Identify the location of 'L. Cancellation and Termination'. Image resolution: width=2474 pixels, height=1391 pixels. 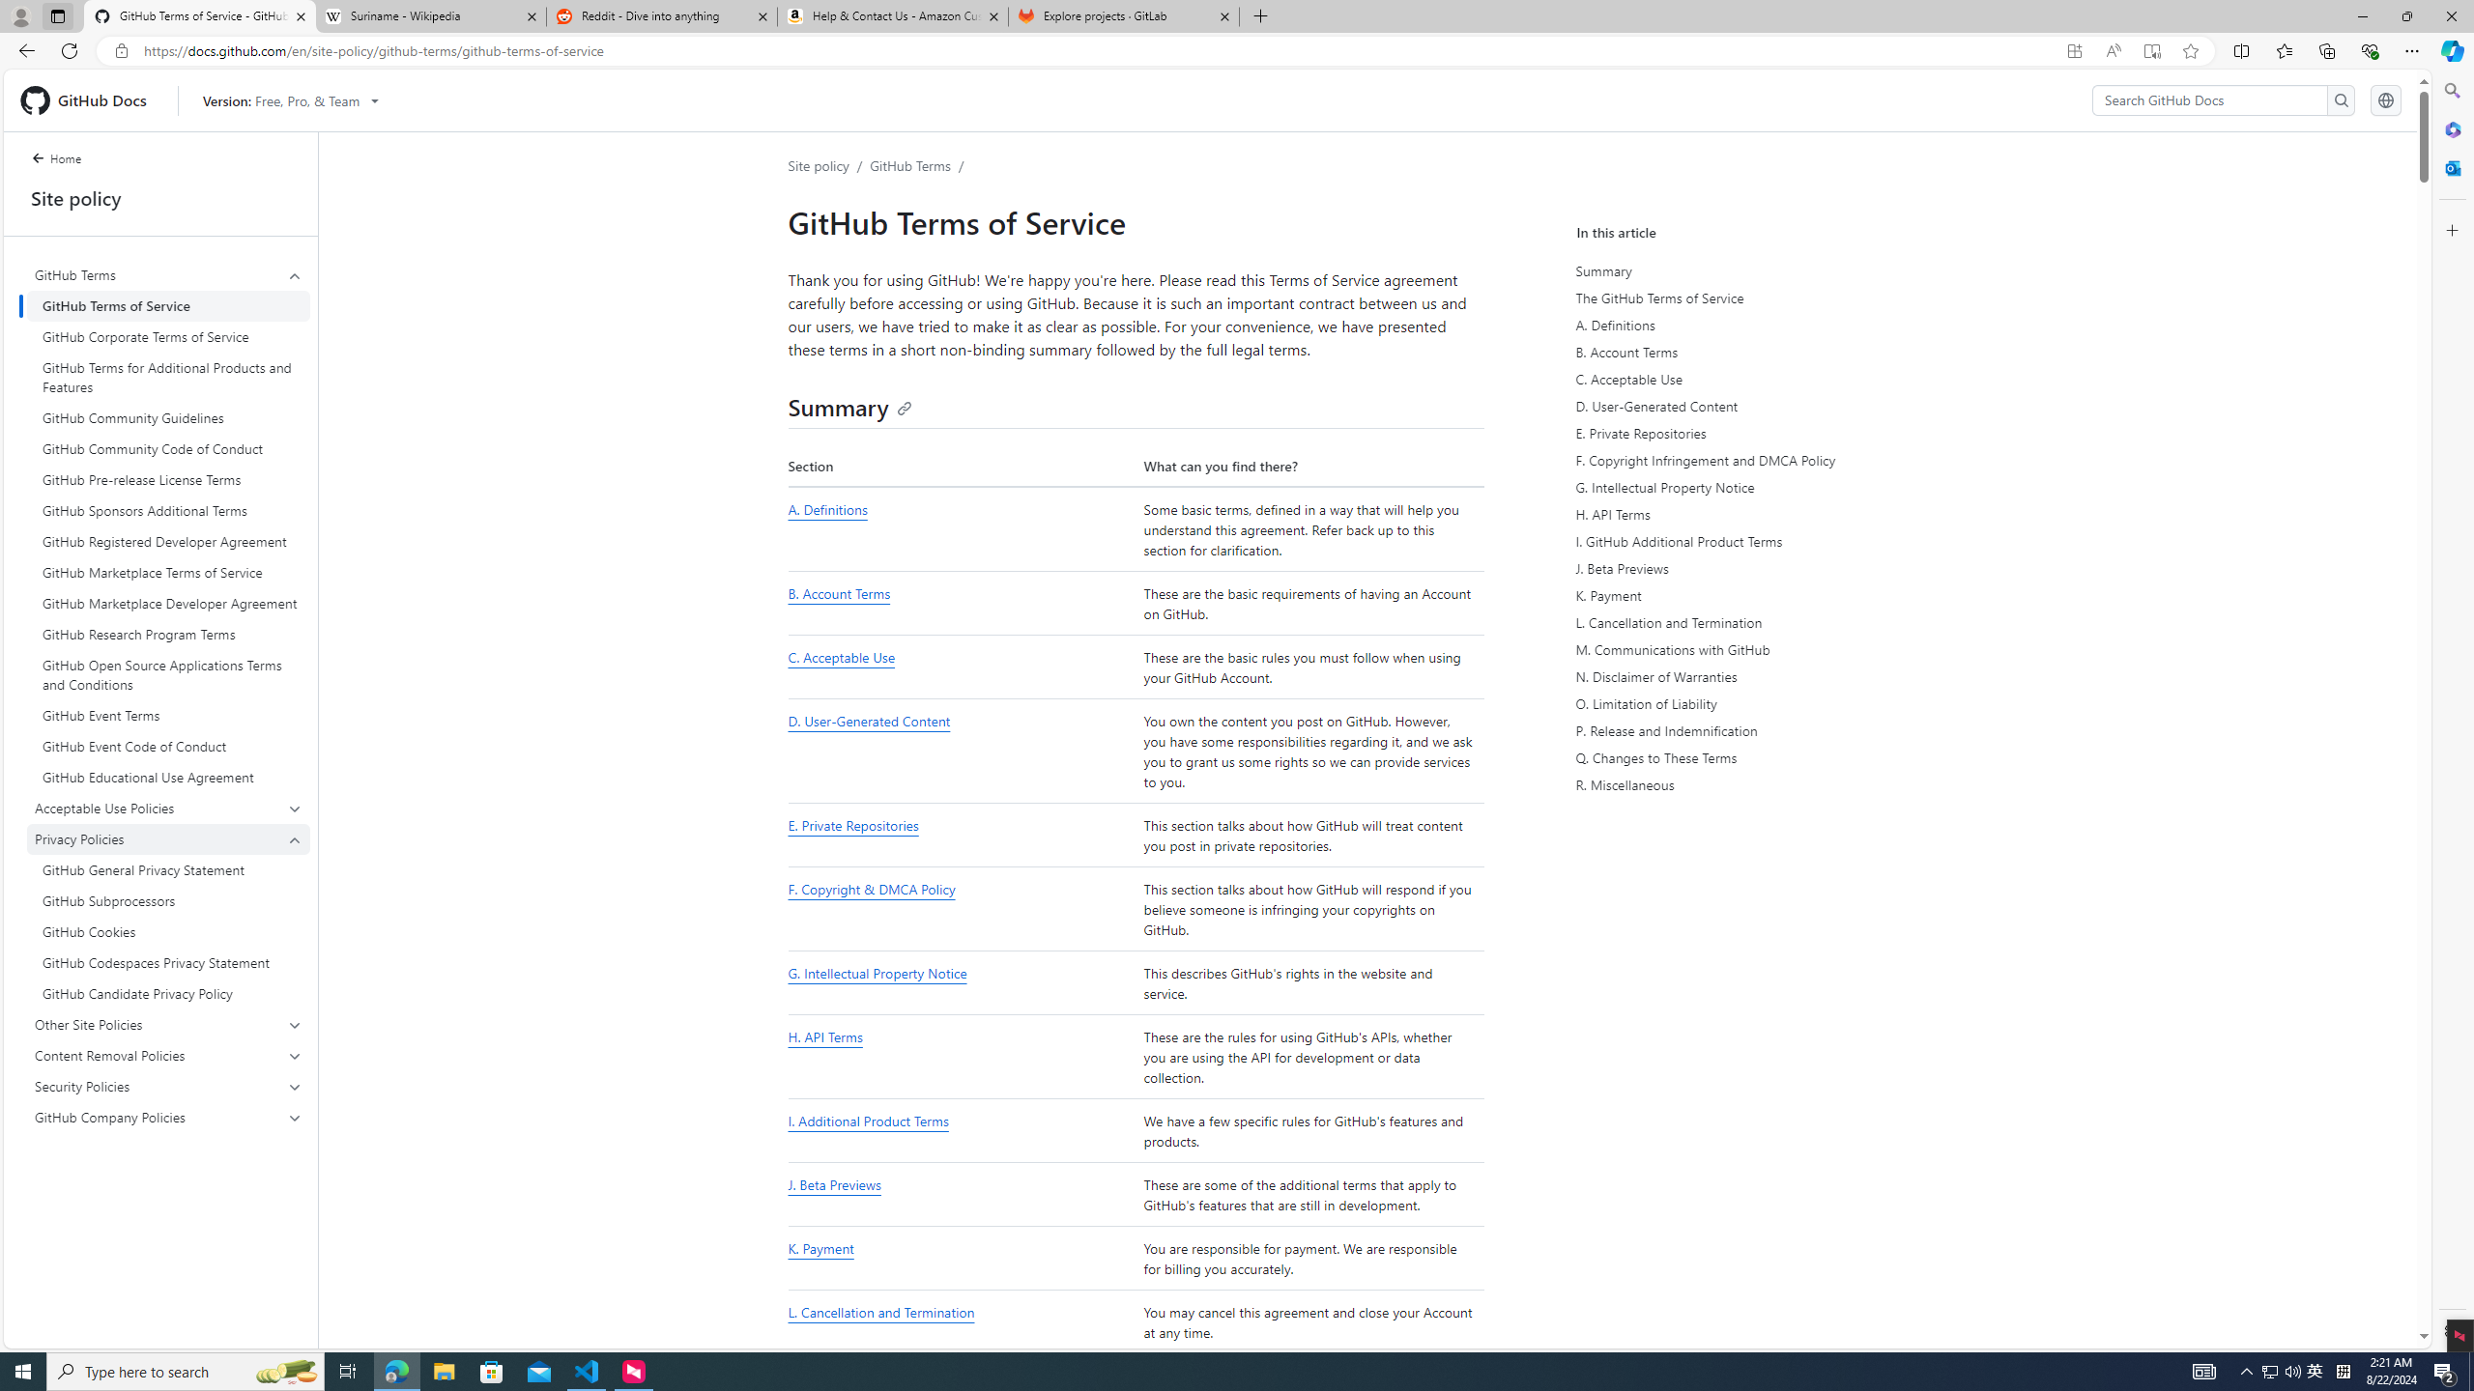
(879, 1313).